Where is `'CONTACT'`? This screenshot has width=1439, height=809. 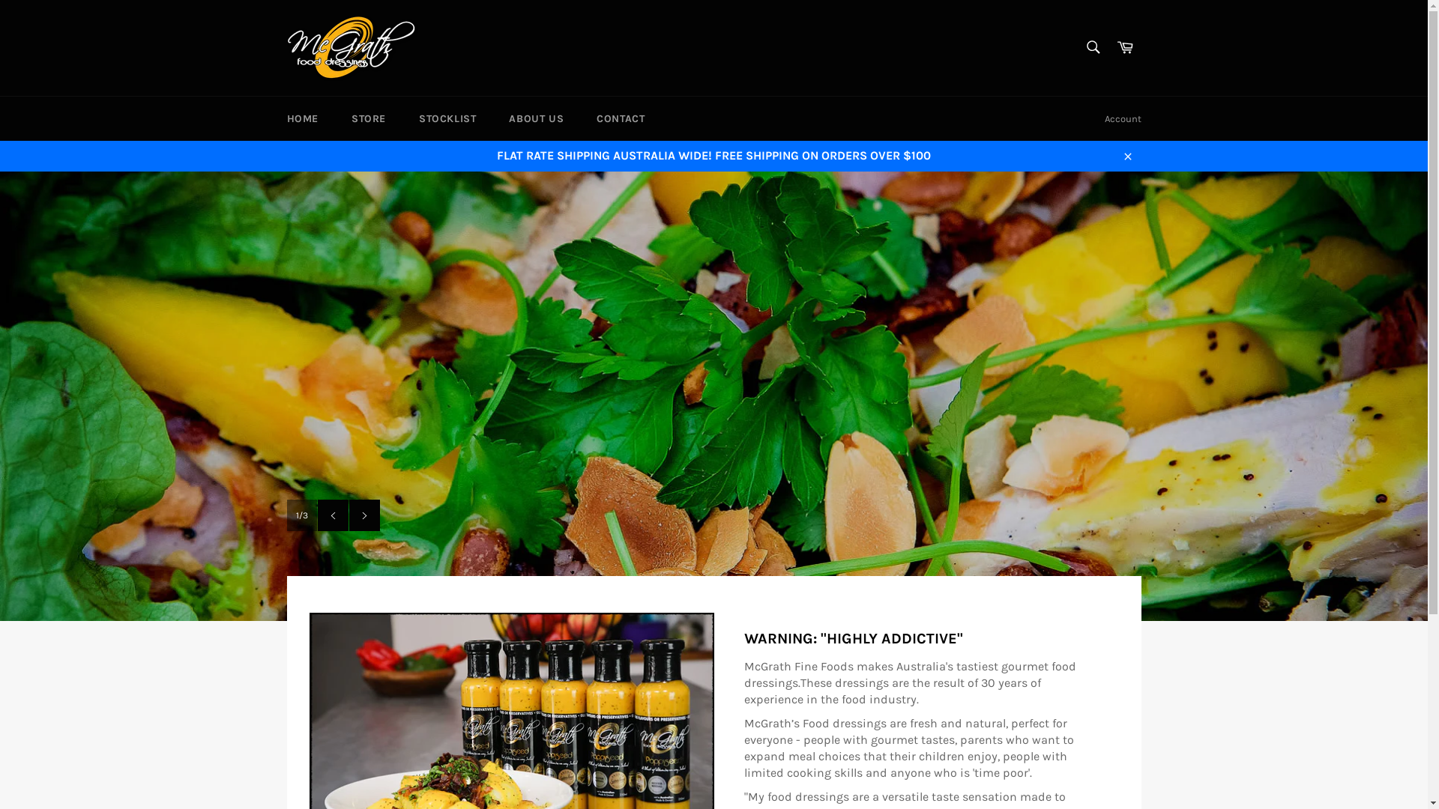
'CONTACT' is located at coordinates (621, 118).